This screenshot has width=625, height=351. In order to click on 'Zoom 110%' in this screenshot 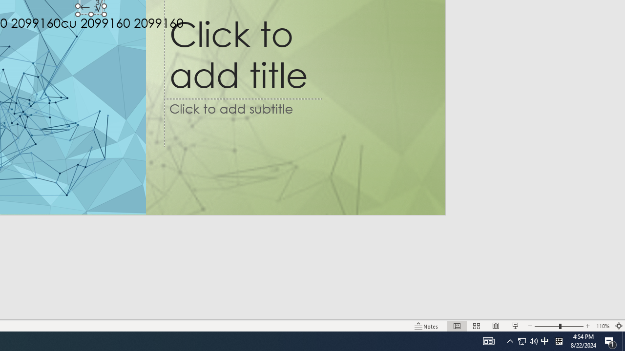, I will do `click(602, 326)`.